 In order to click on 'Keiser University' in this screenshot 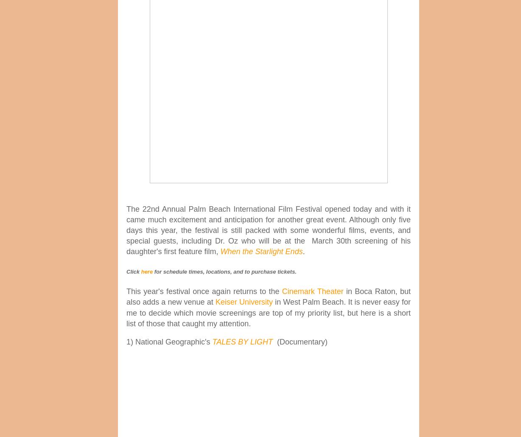, I will do `click(243, 302)`.